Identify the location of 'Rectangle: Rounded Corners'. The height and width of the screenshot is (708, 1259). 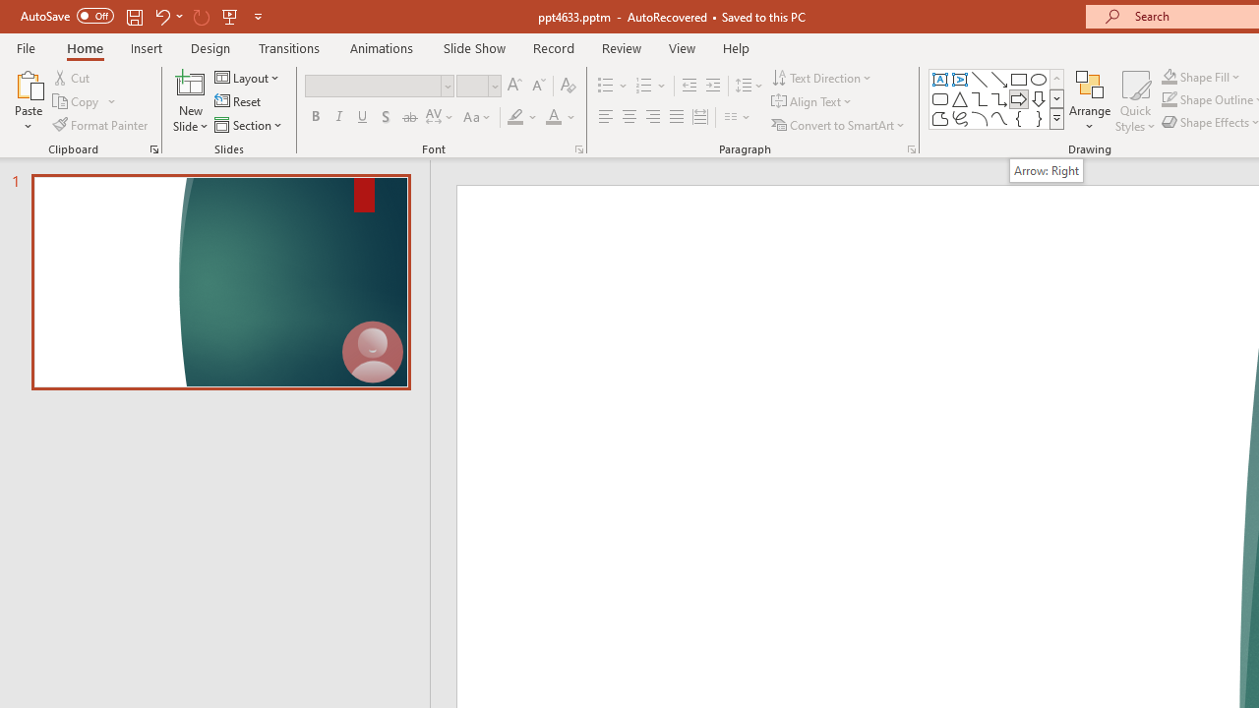
(939, 98).